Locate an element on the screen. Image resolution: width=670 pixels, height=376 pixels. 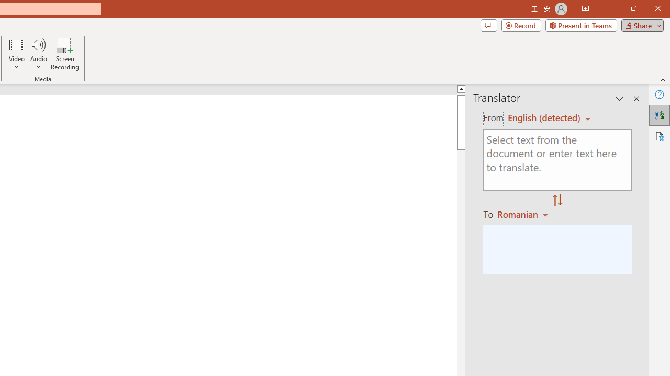
'Czech (detected)' is located at coordinates (544, 118).